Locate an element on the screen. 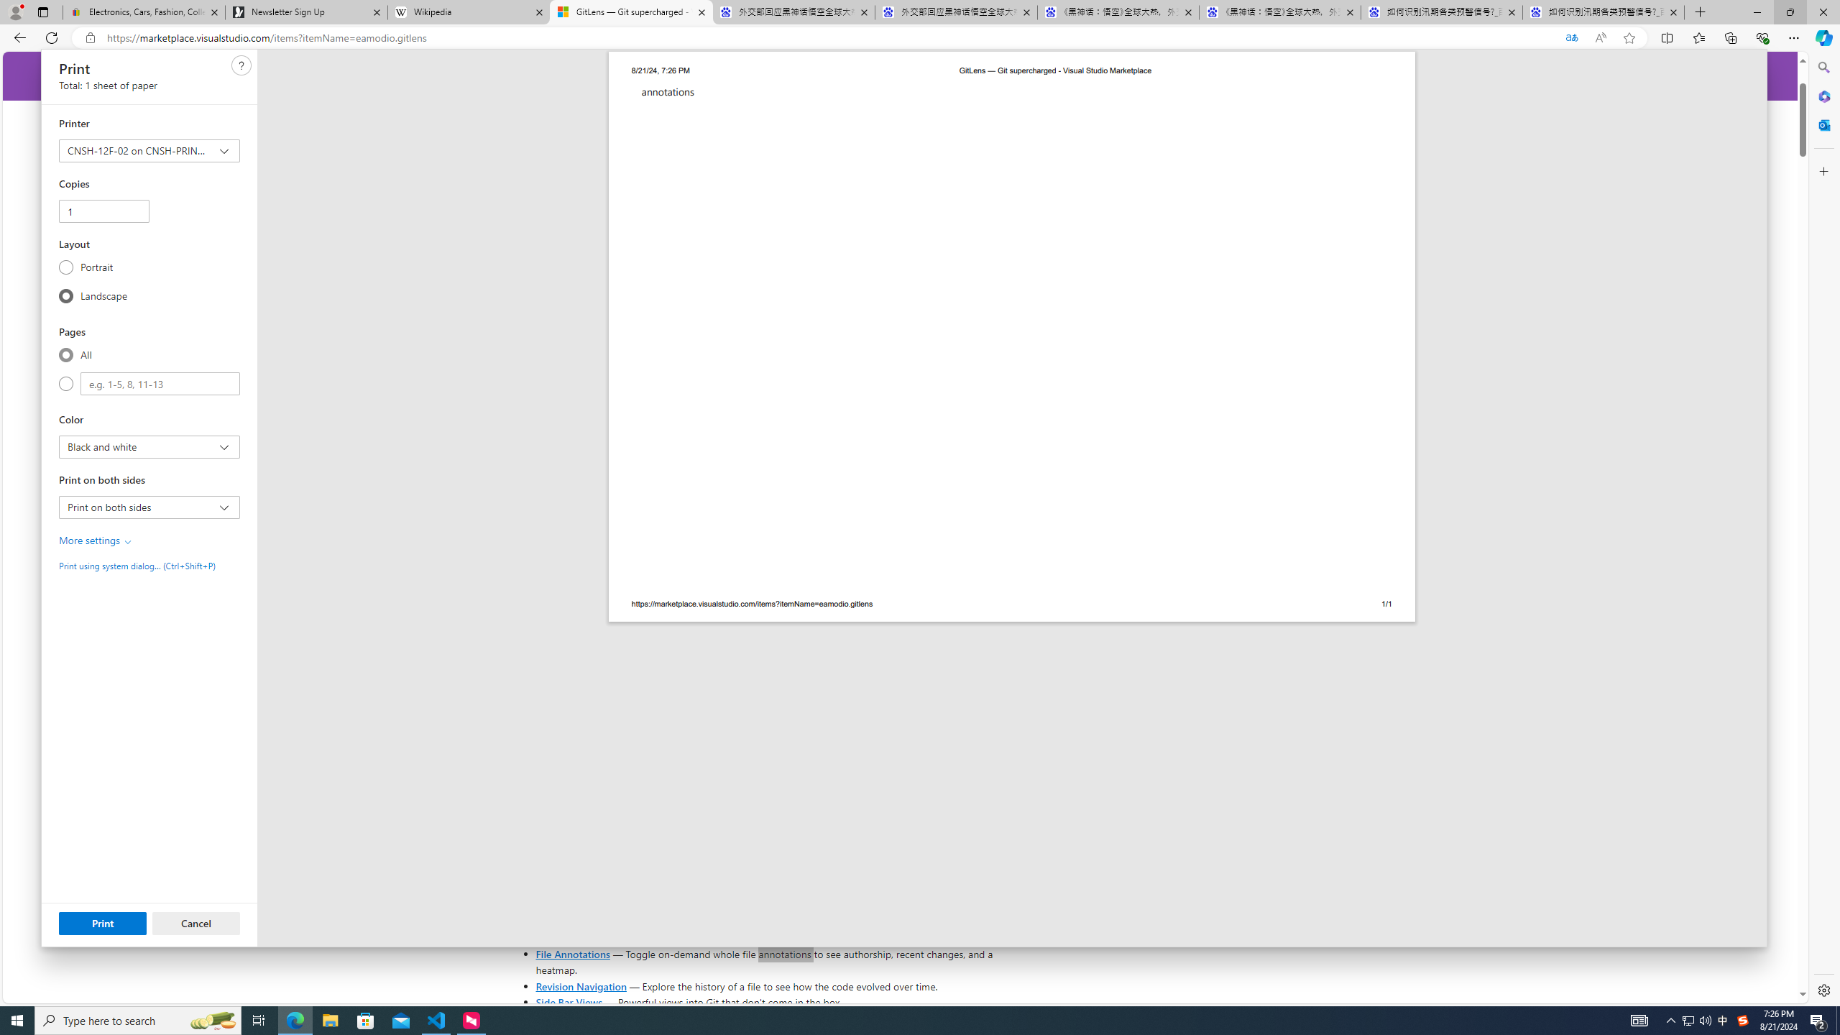  'Need help' is located at coordinates (241, 64).